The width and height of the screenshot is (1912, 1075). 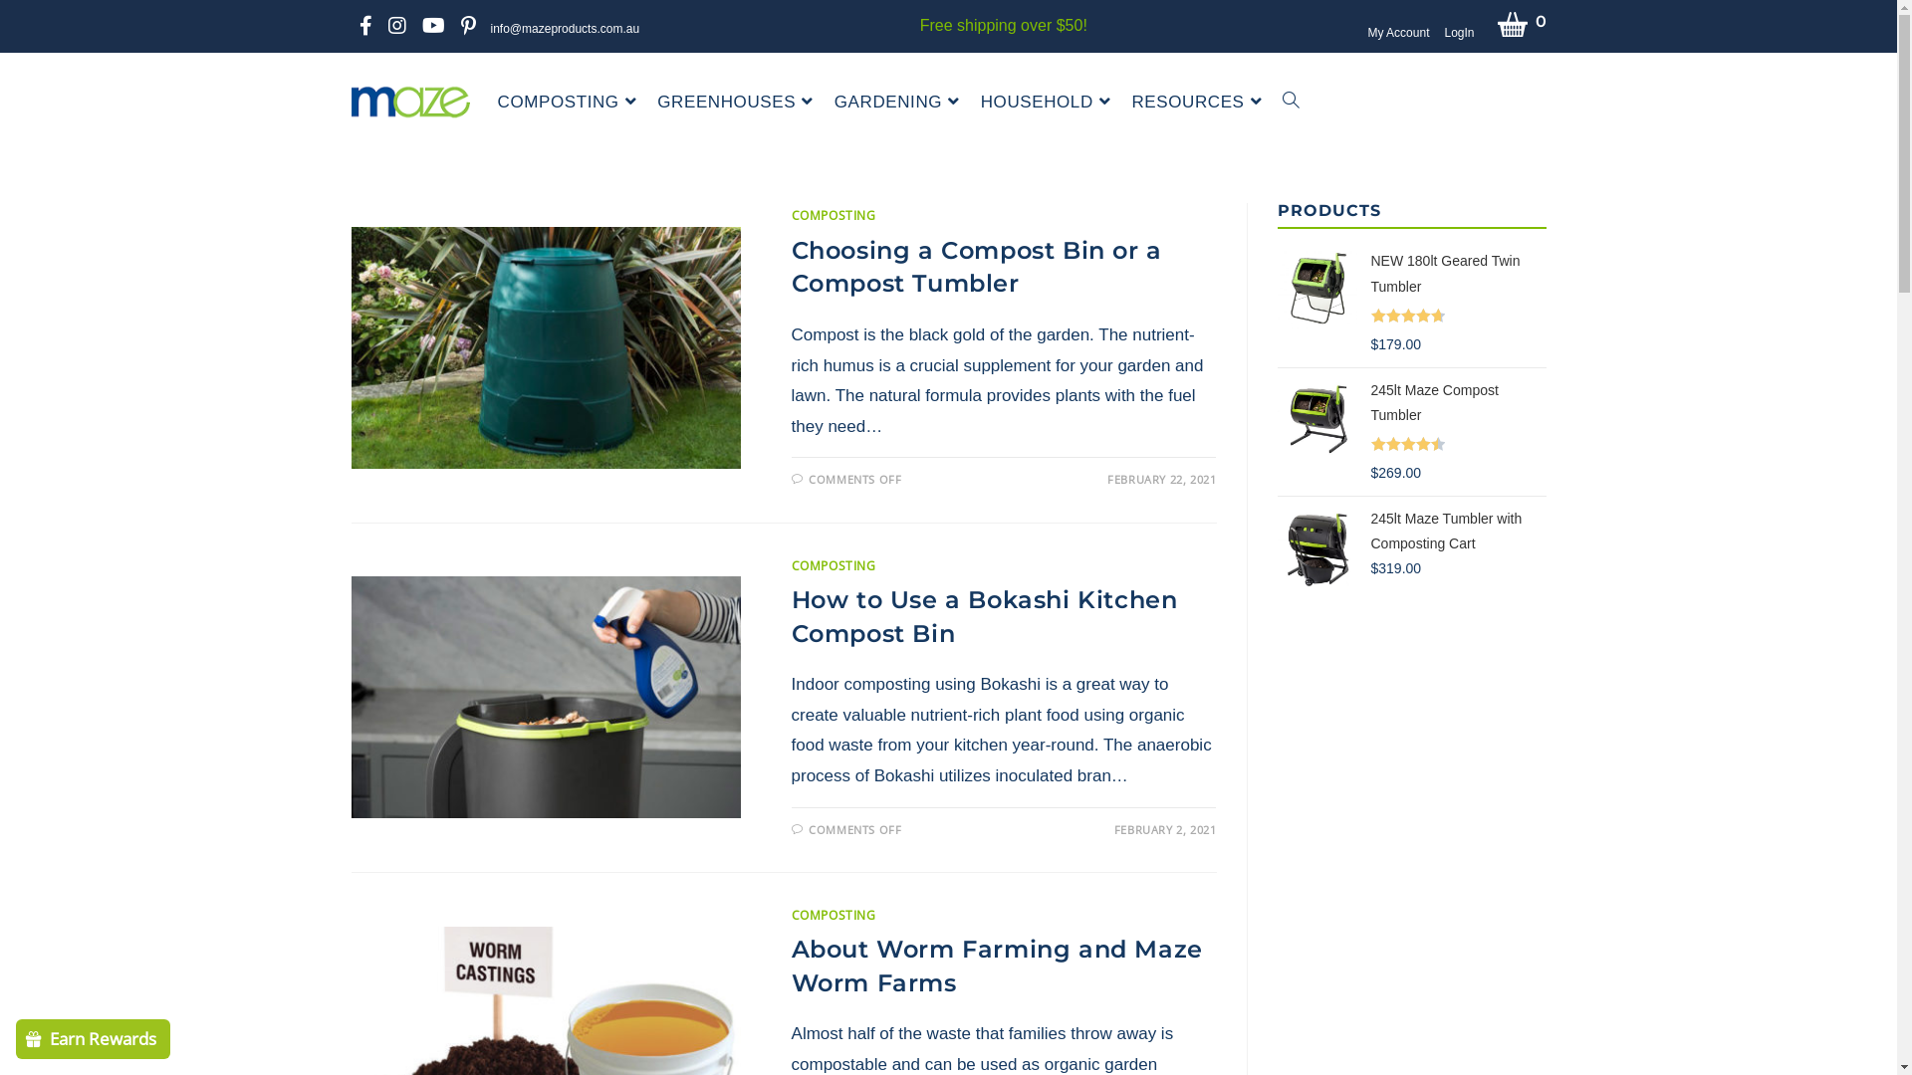 What do you see at coordinates (569, 103) in the screenshot?
I see `'COMPOSTING'` at bounding box center [569, 103].